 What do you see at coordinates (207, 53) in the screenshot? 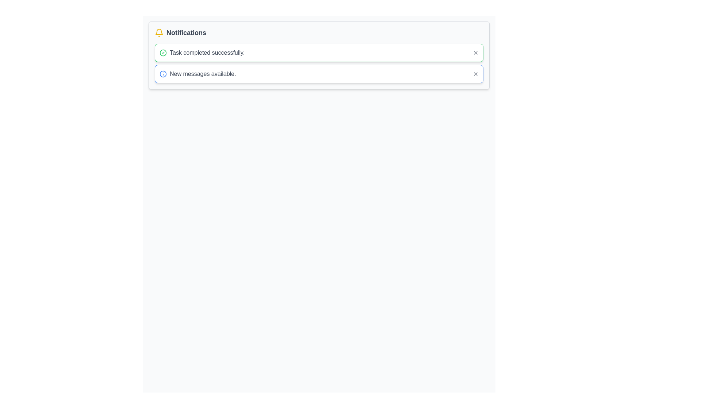
I see `the static text label displaying 'Task completed successfully.'` at bounding box center [207, 53].